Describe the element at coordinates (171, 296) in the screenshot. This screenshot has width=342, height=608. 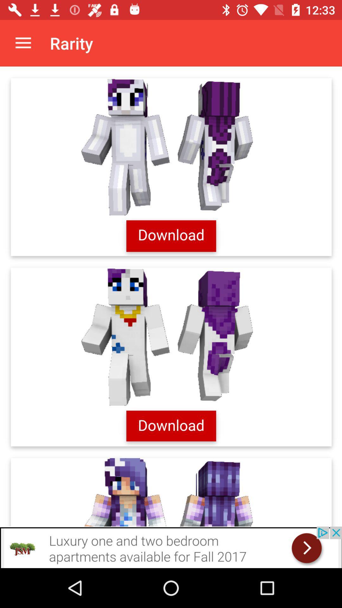
I see `descrition` at that location.